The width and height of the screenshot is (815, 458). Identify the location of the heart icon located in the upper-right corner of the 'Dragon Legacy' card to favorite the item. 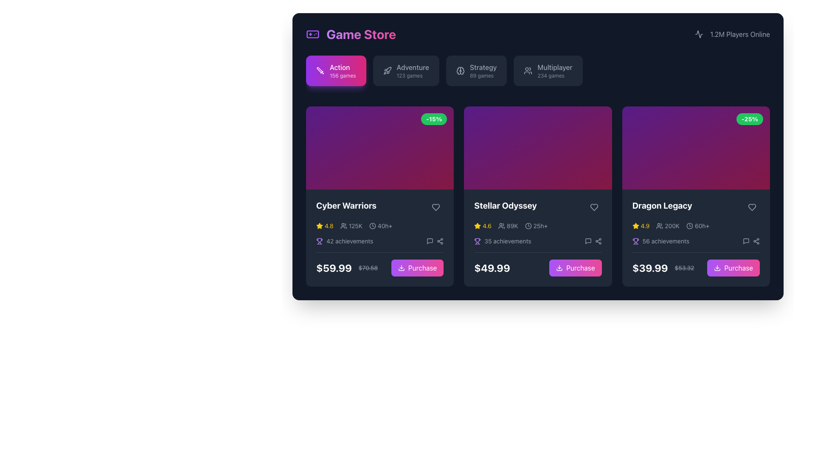
(752, 207).